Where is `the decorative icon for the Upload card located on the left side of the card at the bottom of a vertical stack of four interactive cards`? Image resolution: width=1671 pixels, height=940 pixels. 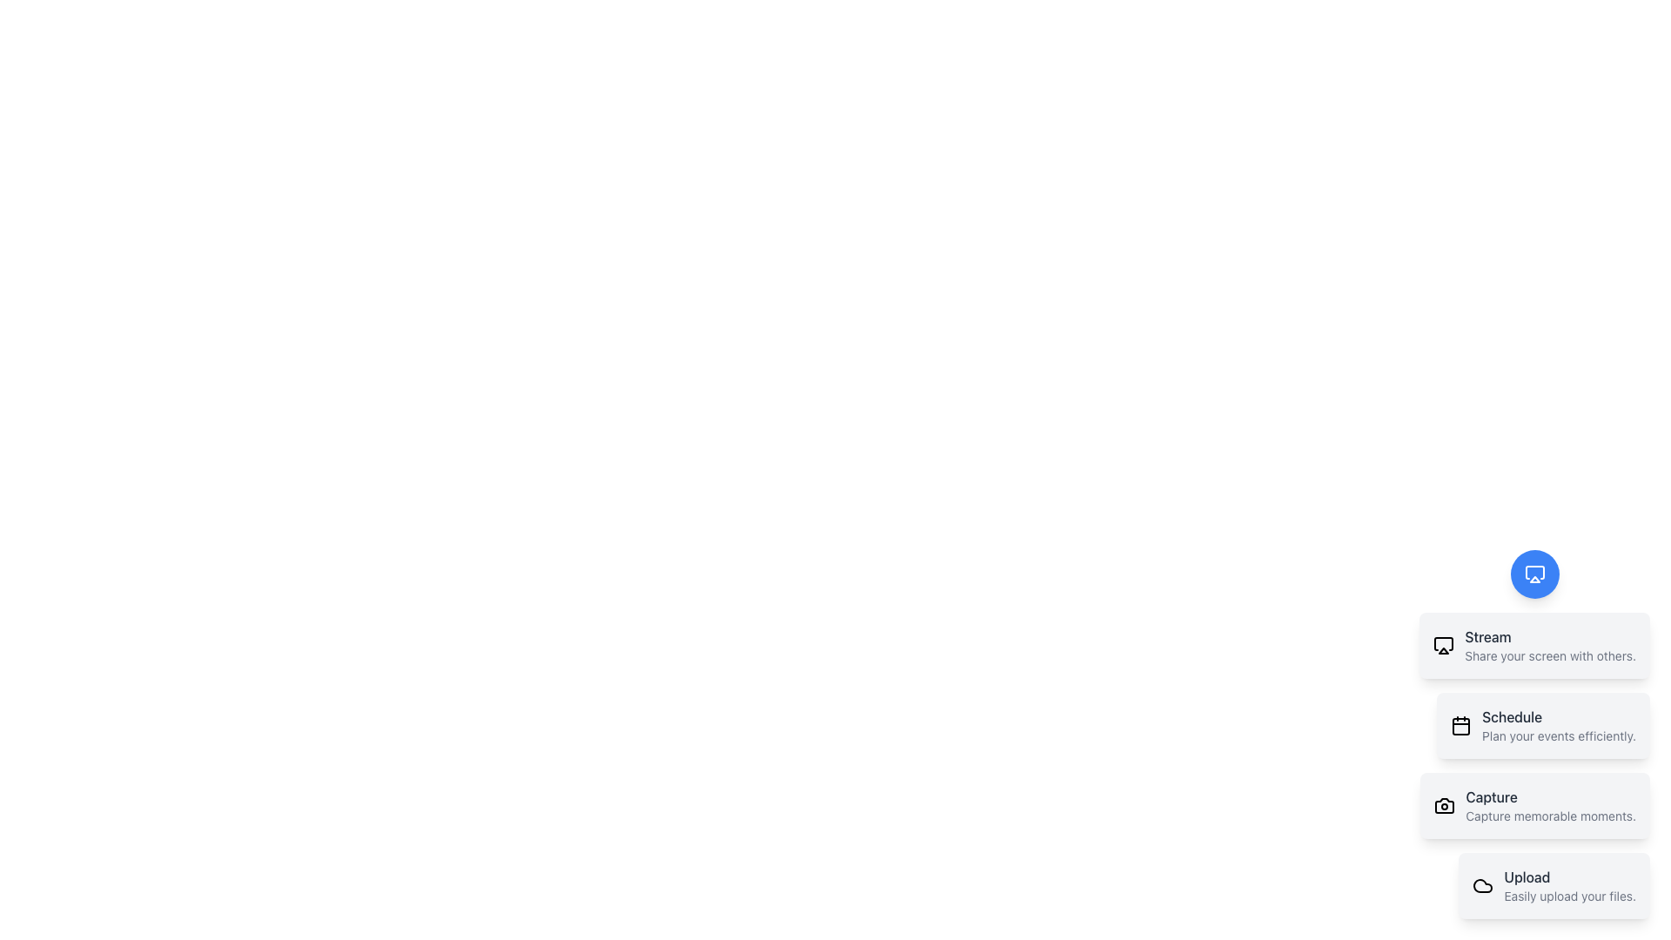 the decorative icon for the Upload card located on the left side of the card at the bottom of a vertical stack of four interactive cards is located at coordinates (1482, 886).